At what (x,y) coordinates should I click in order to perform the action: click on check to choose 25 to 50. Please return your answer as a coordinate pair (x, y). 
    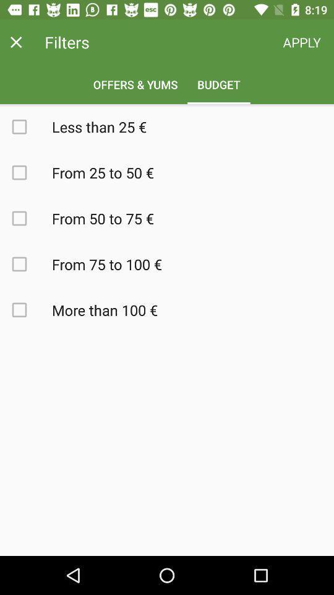
    Looking at the image, I should click on (26, 172).